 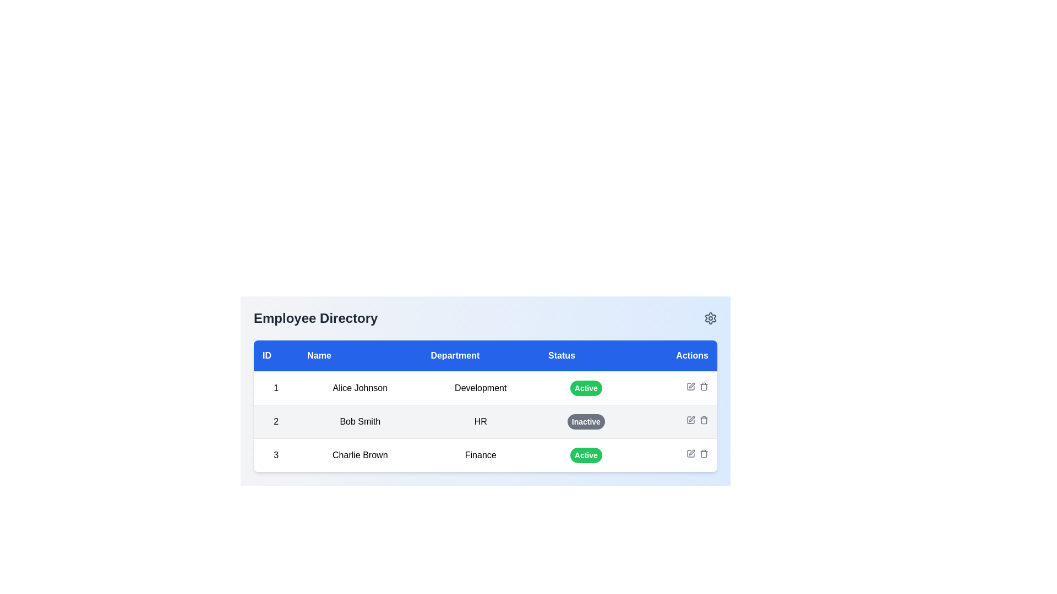 I want to click on the 'Department' text label for 'Alice Johnson' in the employee directory table, which is located in the third column of the first row, so click(x=481, y=387).